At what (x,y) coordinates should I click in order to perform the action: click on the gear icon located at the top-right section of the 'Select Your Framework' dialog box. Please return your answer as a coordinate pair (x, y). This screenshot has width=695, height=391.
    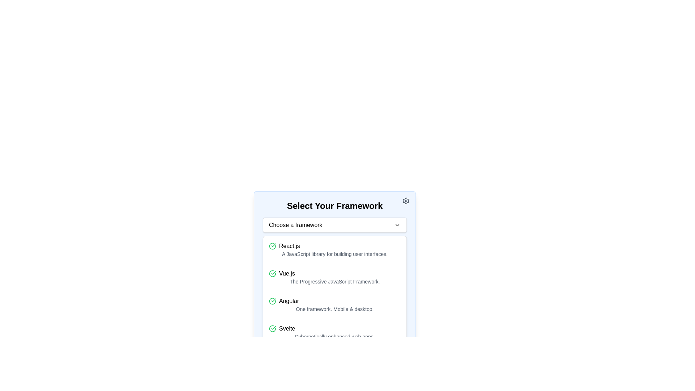
    Looking at the image, I should click on (406, 201).